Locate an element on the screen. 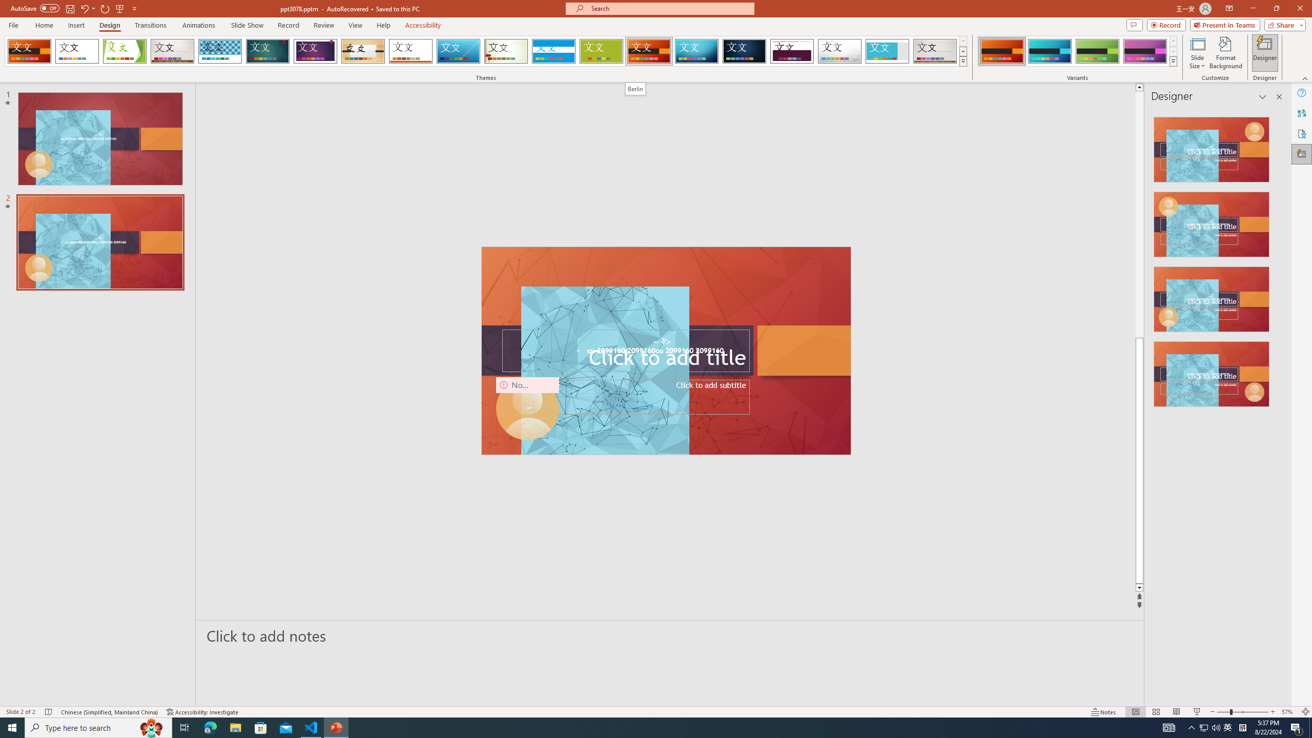 The height and width of the screenshot is (738, 1312). 'Berlin Variant 4' is located at coordinates (1144, 51).